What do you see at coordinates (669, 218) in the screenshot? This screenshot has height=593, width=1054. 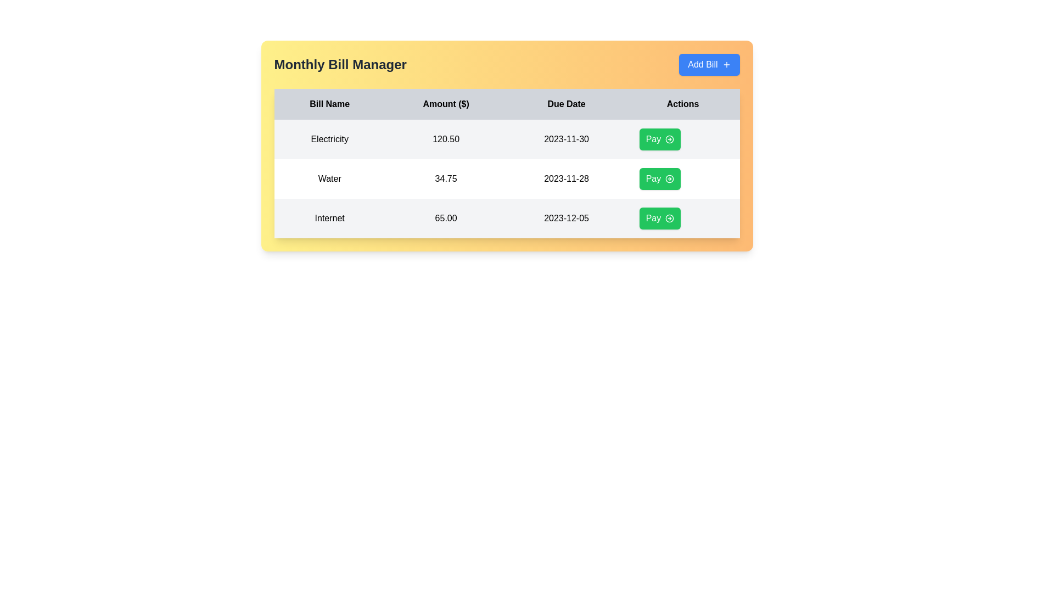 I see `the navigation icon next to the 'Pay' button in the Actions column of the last row of the table` at bounding box center [669, 218].